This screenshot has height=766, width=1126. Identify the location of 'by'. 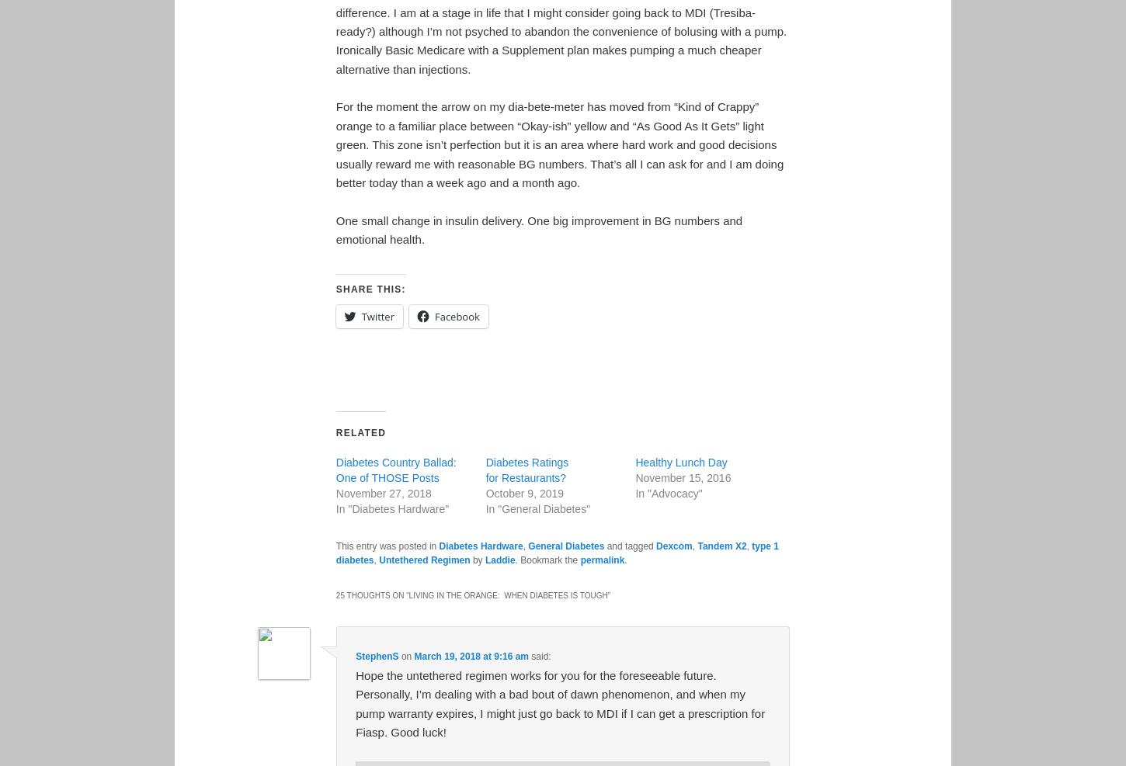
(469, 559).